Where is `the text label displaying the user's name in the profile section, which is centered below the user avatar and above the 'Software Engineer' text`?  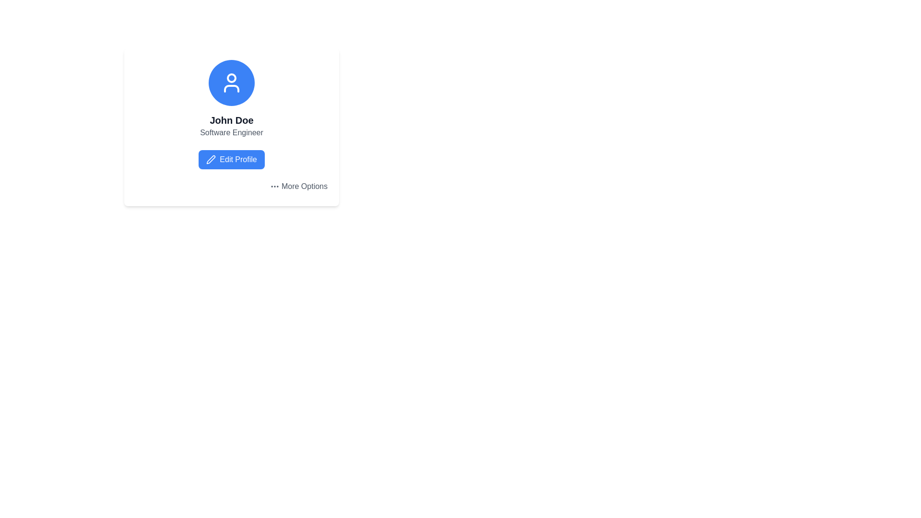 the text label displaying the user's name in the profile section, which is centered below the user avatar and above the 'Software Engineer' text is located at coordinates (232, 119).